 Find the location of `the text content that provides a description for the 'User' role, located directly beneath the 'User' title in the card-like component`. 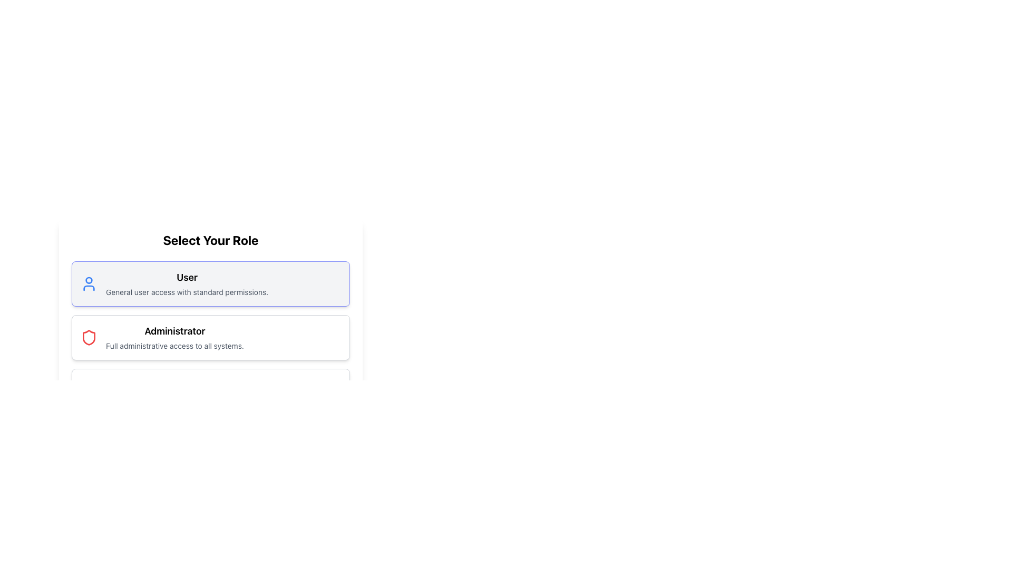

the text content that provides a description for the 'User' role, located directly beneath the 'User' title in the card-like component is located at coordinates (187, 292).